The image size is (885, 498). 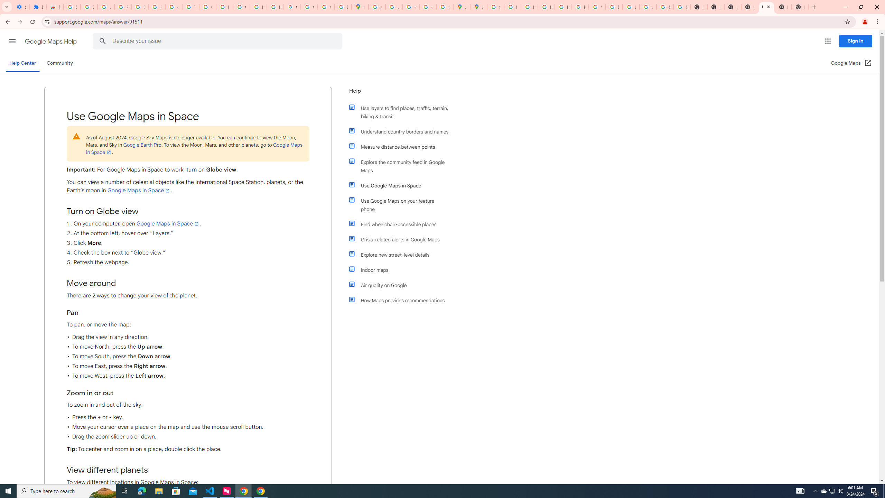 What do you see at coordinates (766, 7) in the screenshot?
I see `'Use Google Maps in Space - Google Maps Help'` at bounding box center [766, 7].